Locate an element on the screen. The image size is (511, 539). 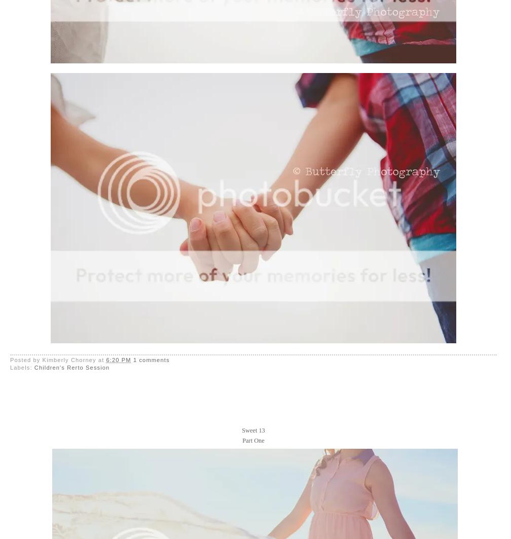
'Part One' is located at coordinates (253, 440).